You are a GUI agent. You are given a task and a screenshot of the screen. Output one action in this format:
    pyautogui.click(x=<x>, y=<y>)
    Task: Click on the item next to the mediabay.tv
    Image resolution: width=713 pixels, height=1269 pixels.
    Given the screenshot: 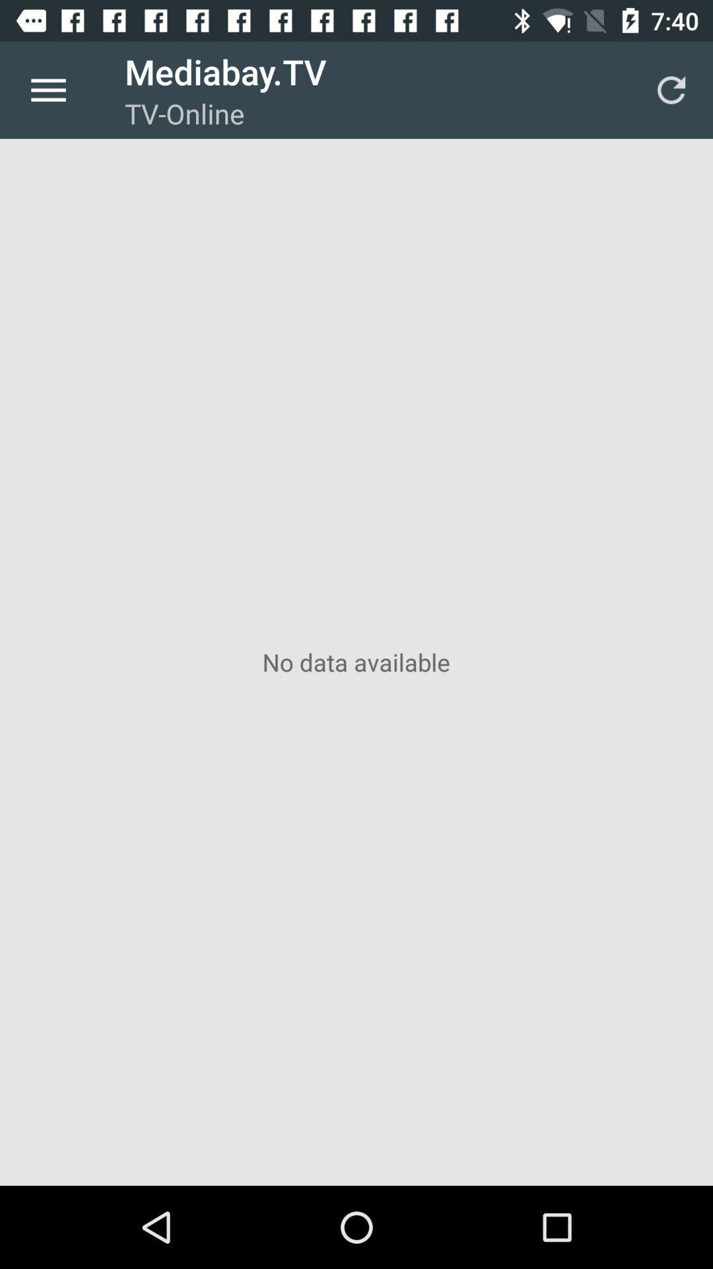 What is the action you would take?
    pyautogui.click(x=671, y=89)
    